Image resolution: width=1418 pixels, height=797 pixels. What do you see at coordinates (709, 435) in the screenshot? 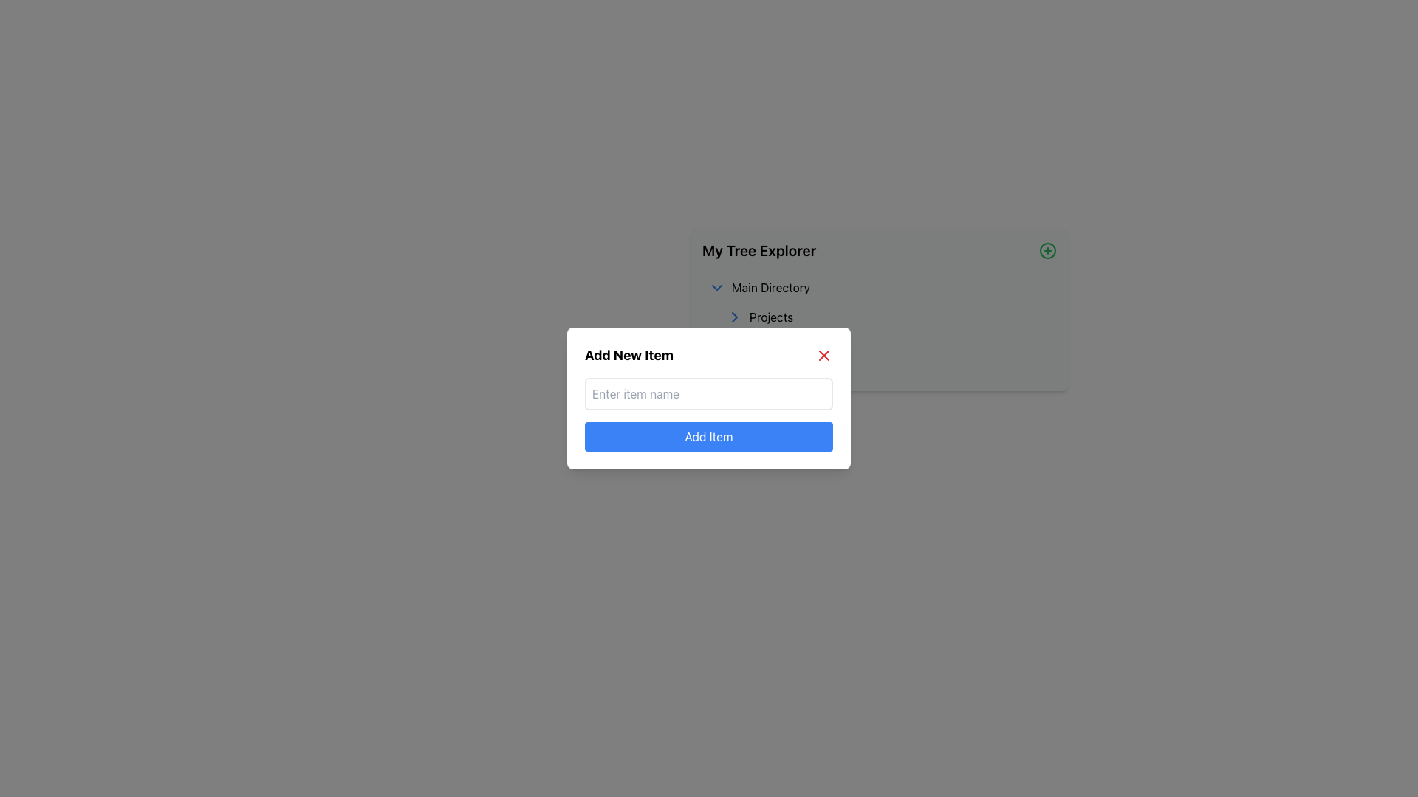
I see `the 'Submit' button located at the bottom center of the 'Add New Item' modal dialog box` at bounding box center [709, 435].